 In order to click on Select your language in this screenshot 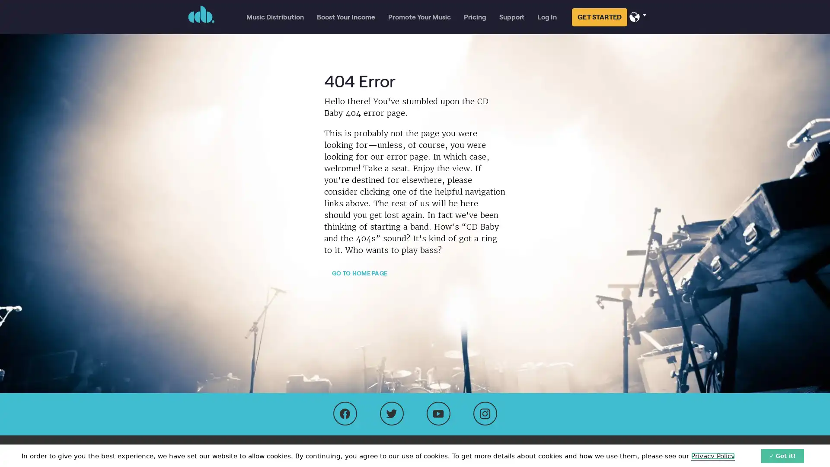, I will do `click(635, 17)`.